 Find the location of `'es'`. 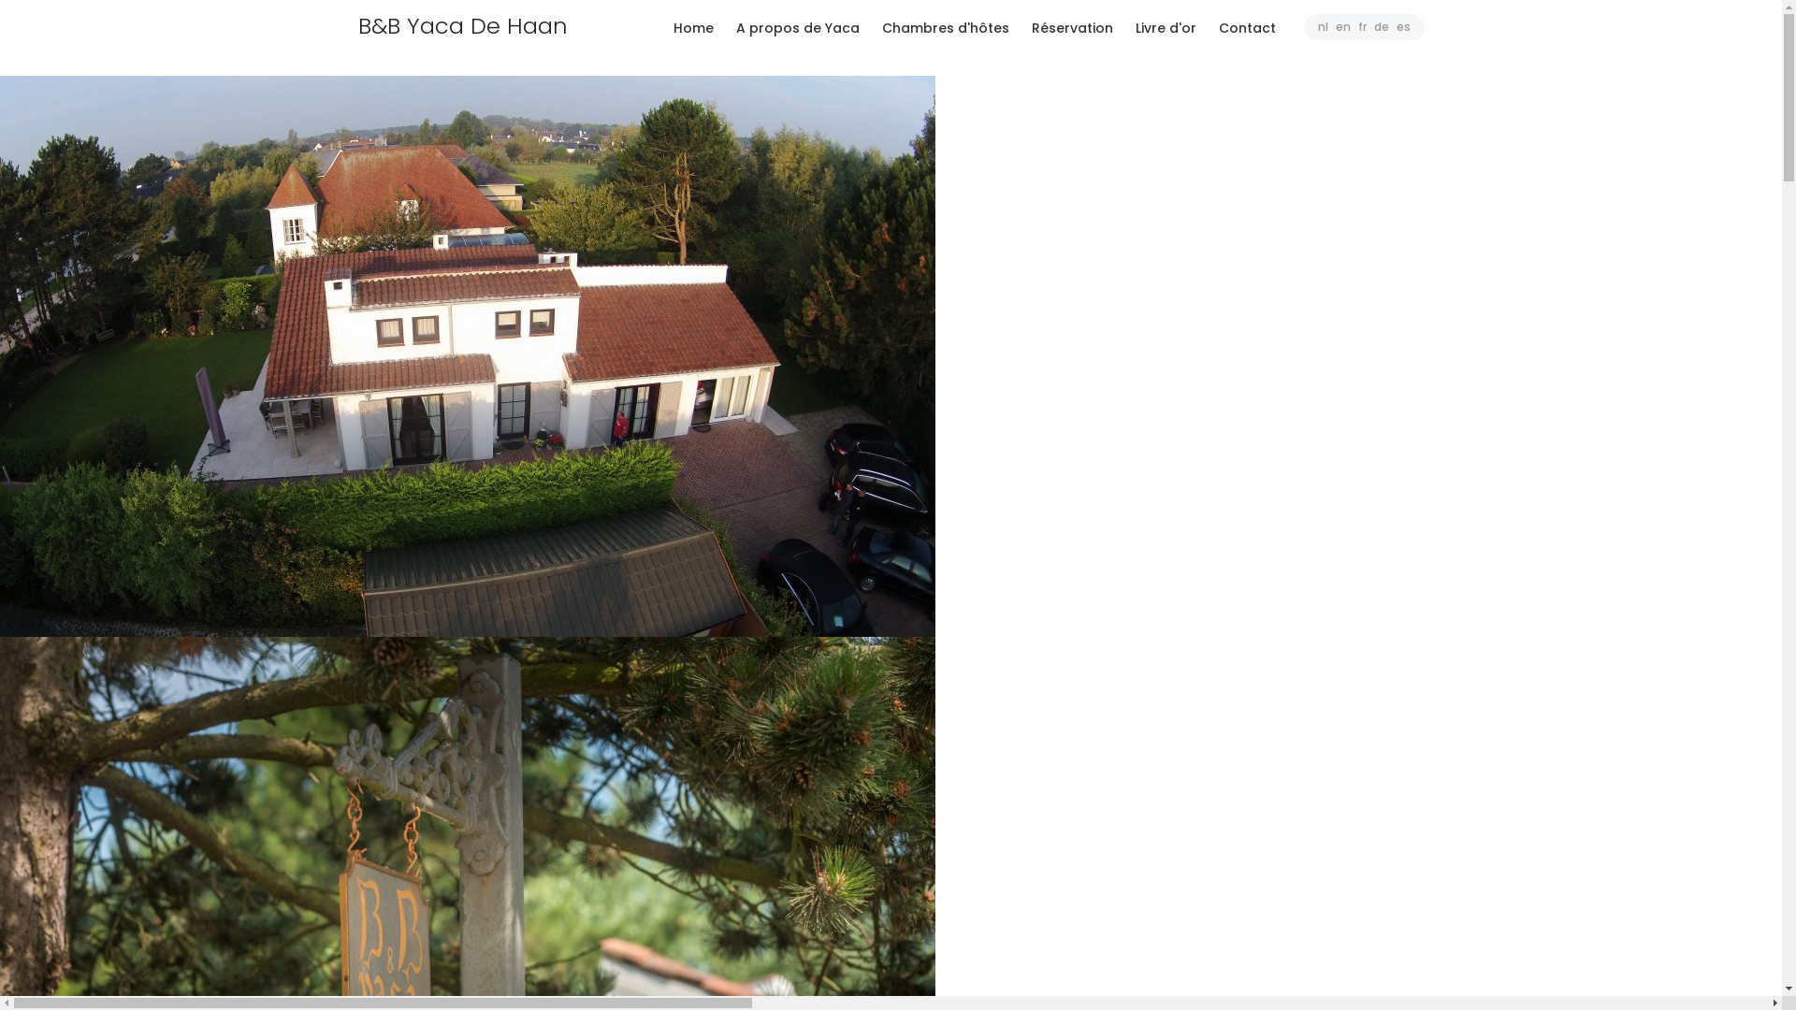

'es' is located at coordinates (1402, 26).